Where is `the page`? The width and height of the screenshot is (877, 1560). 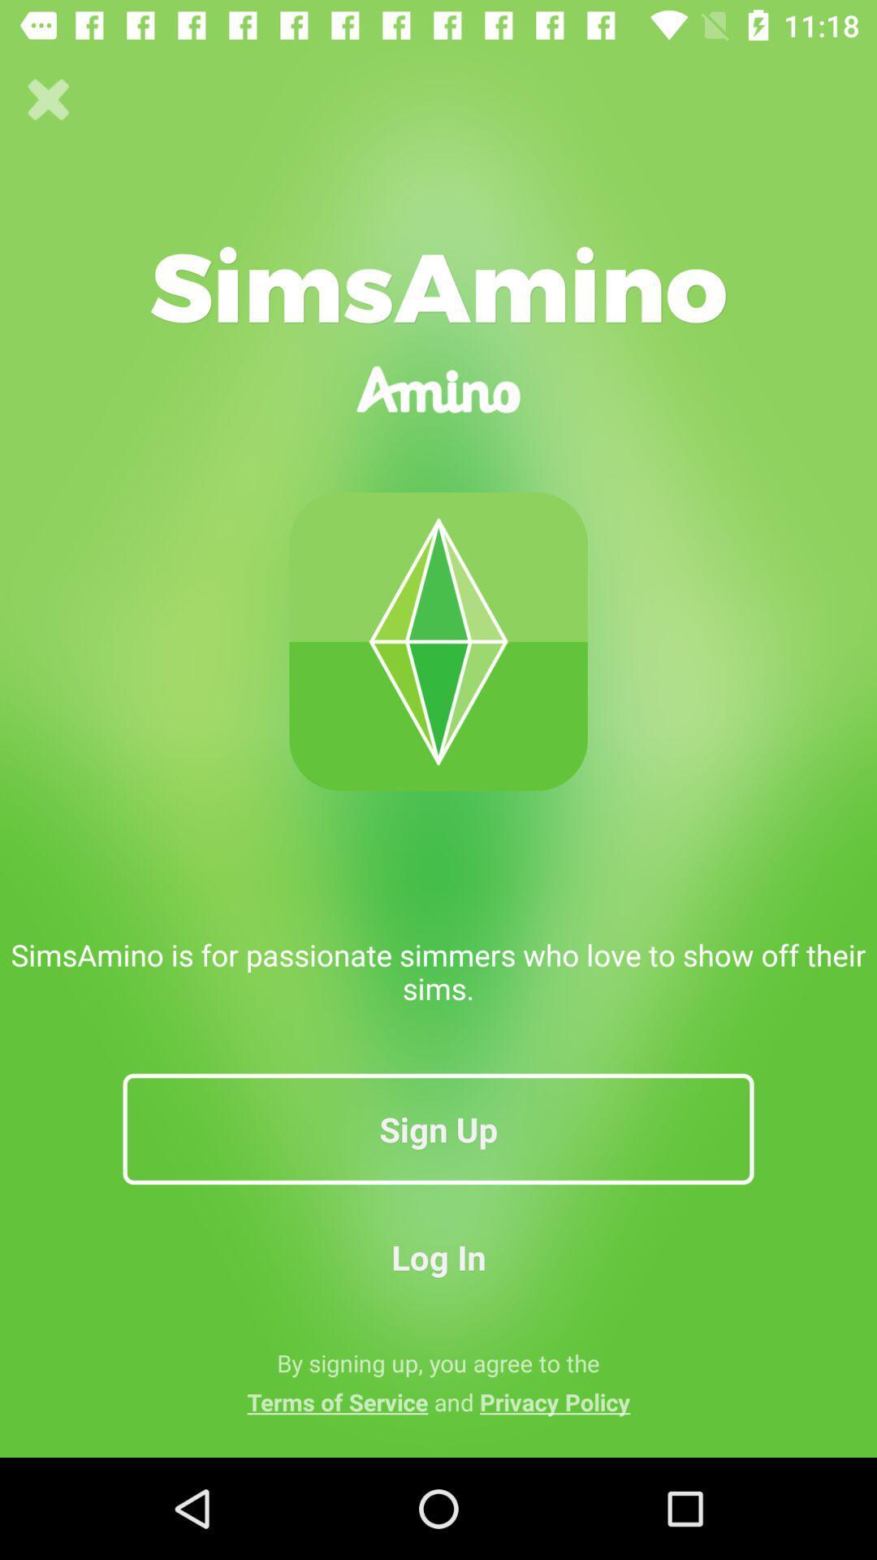 the page is located at coordinates (48, 99).